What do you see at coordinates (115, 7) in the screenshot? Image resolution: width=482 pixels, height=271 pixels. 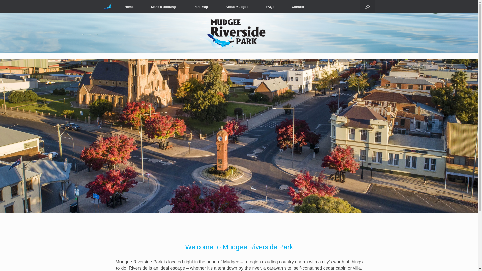 I see `'Home'` at bounding box center [115, 7].